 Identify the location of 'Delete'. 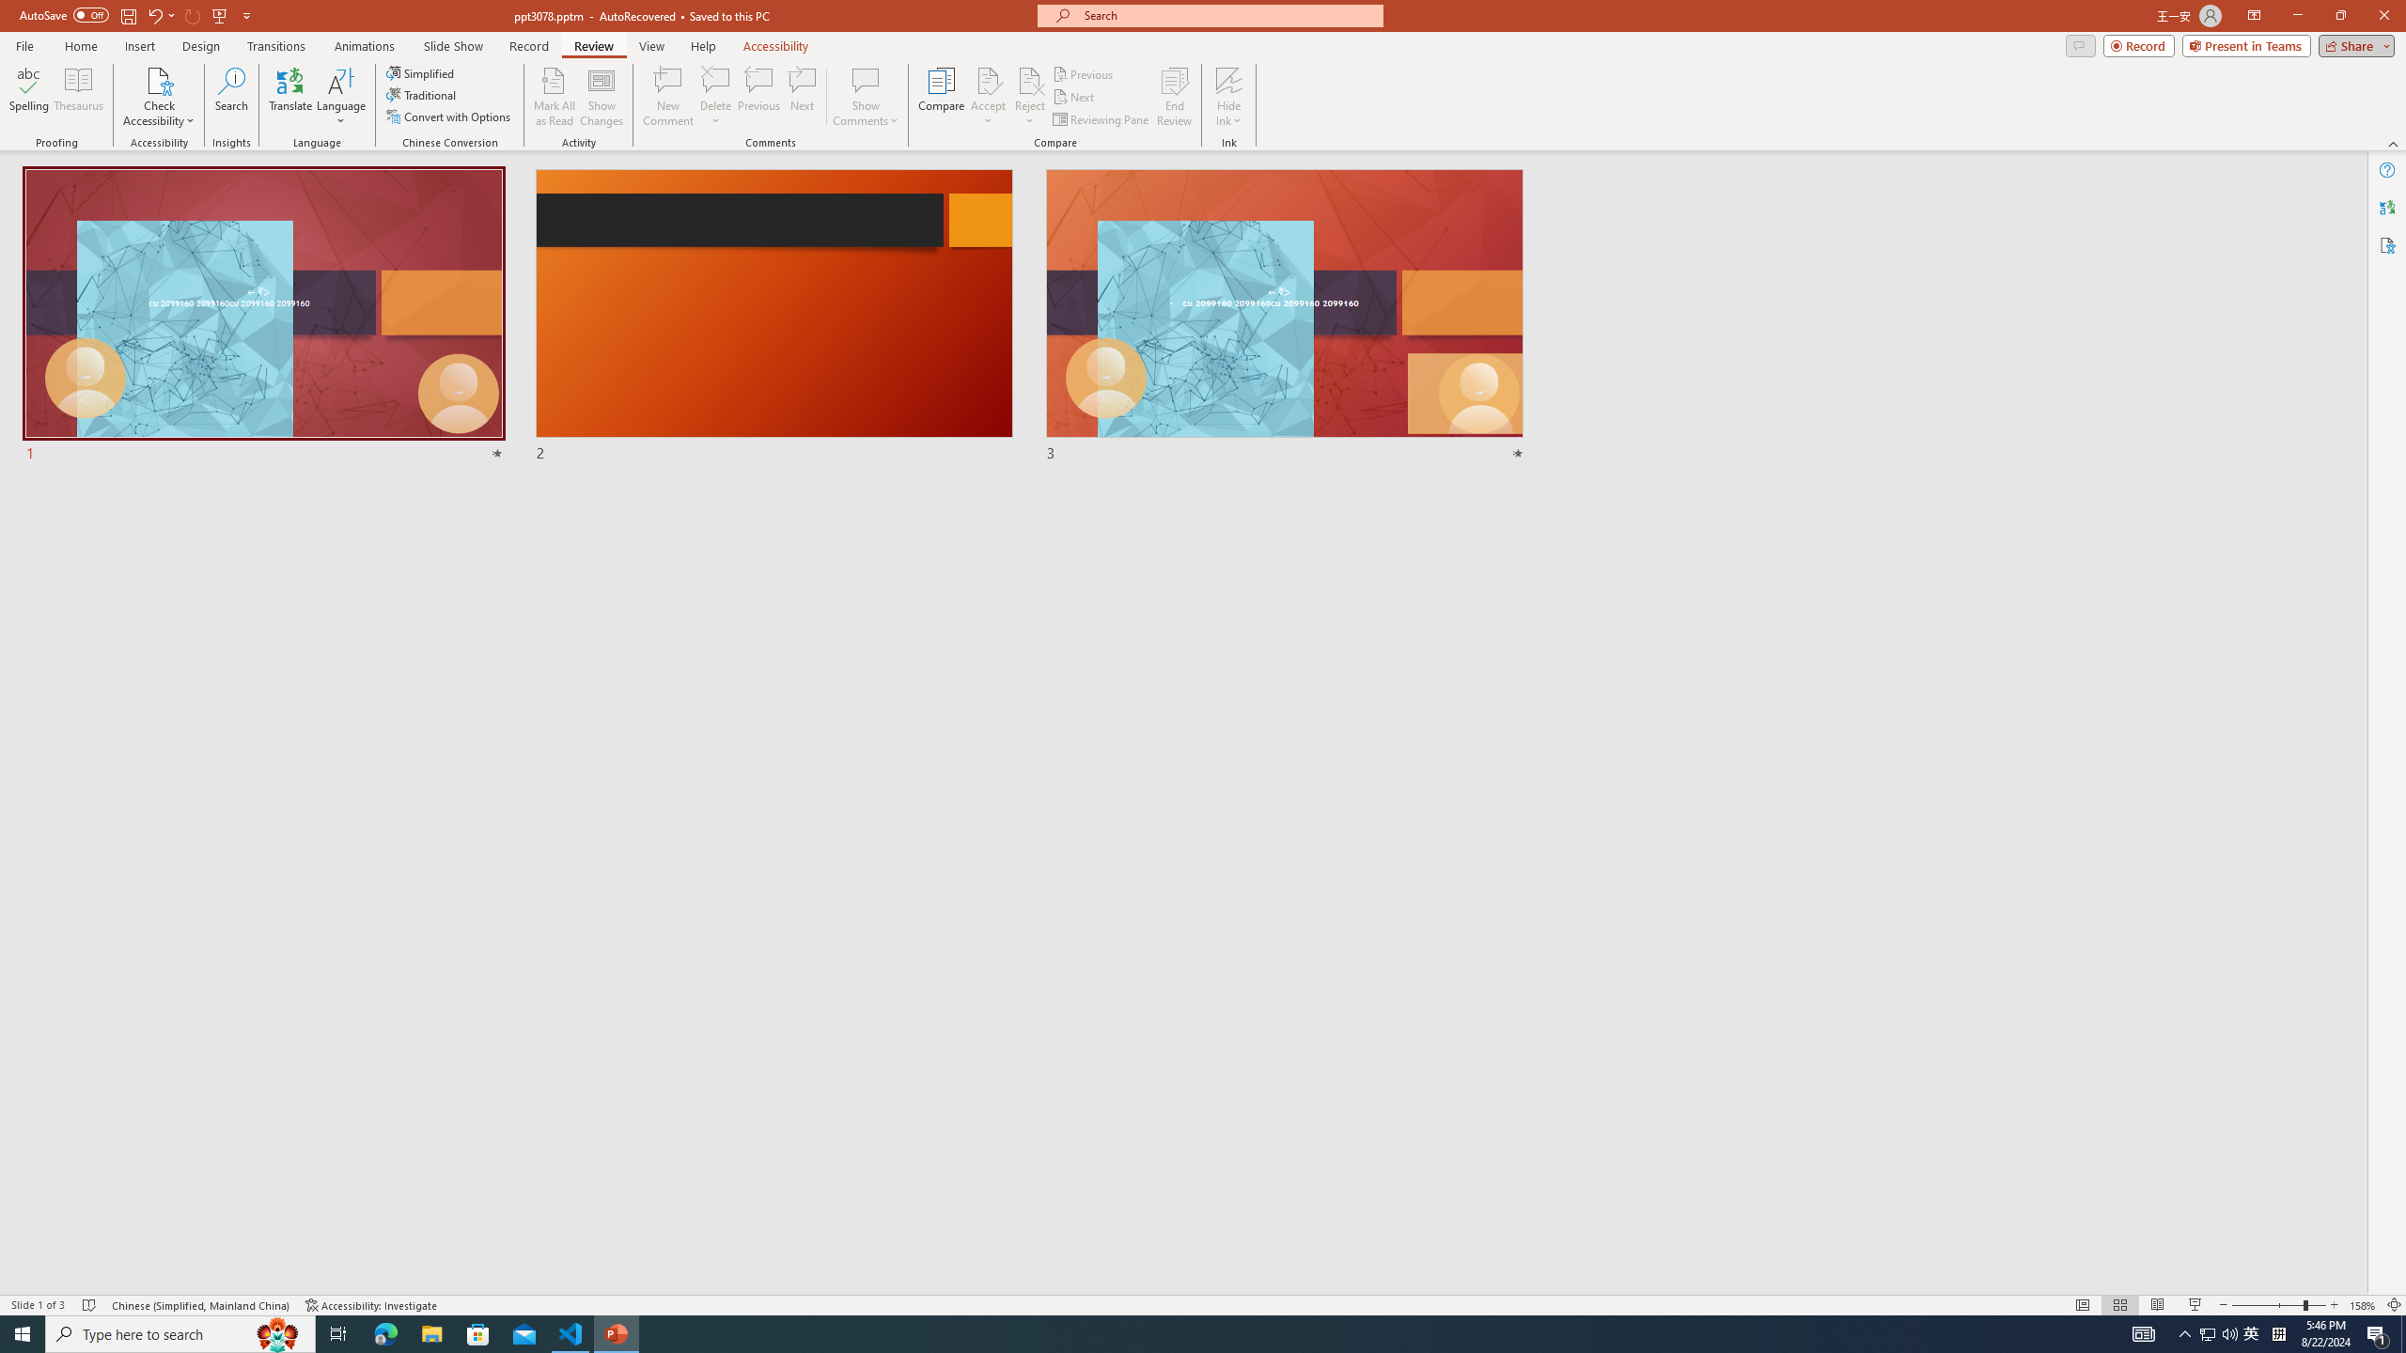
(715, 79).